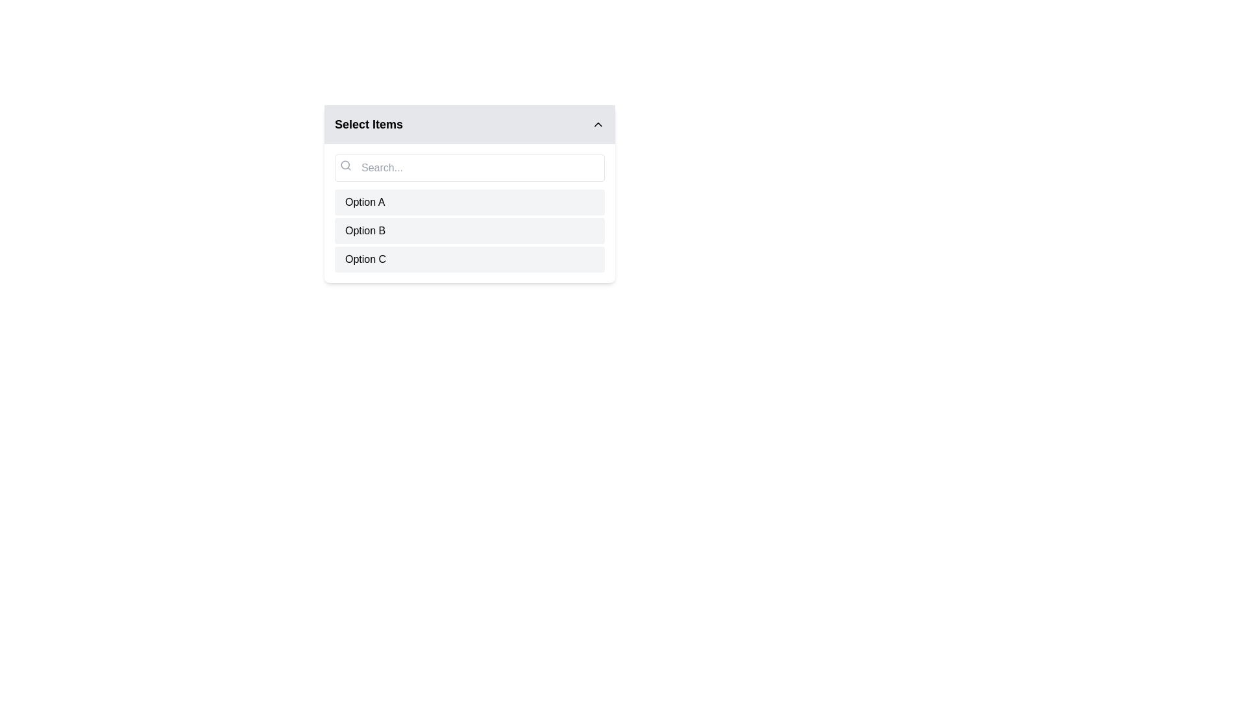  Describe the element at coordinates (345, 164) in the screenshot. I see `the search input icon resembling a magnifying glass located at the top-left part of the search bar's input field, adjacent to the placeholder text 'Search...' in the dropdown panel` at that location.